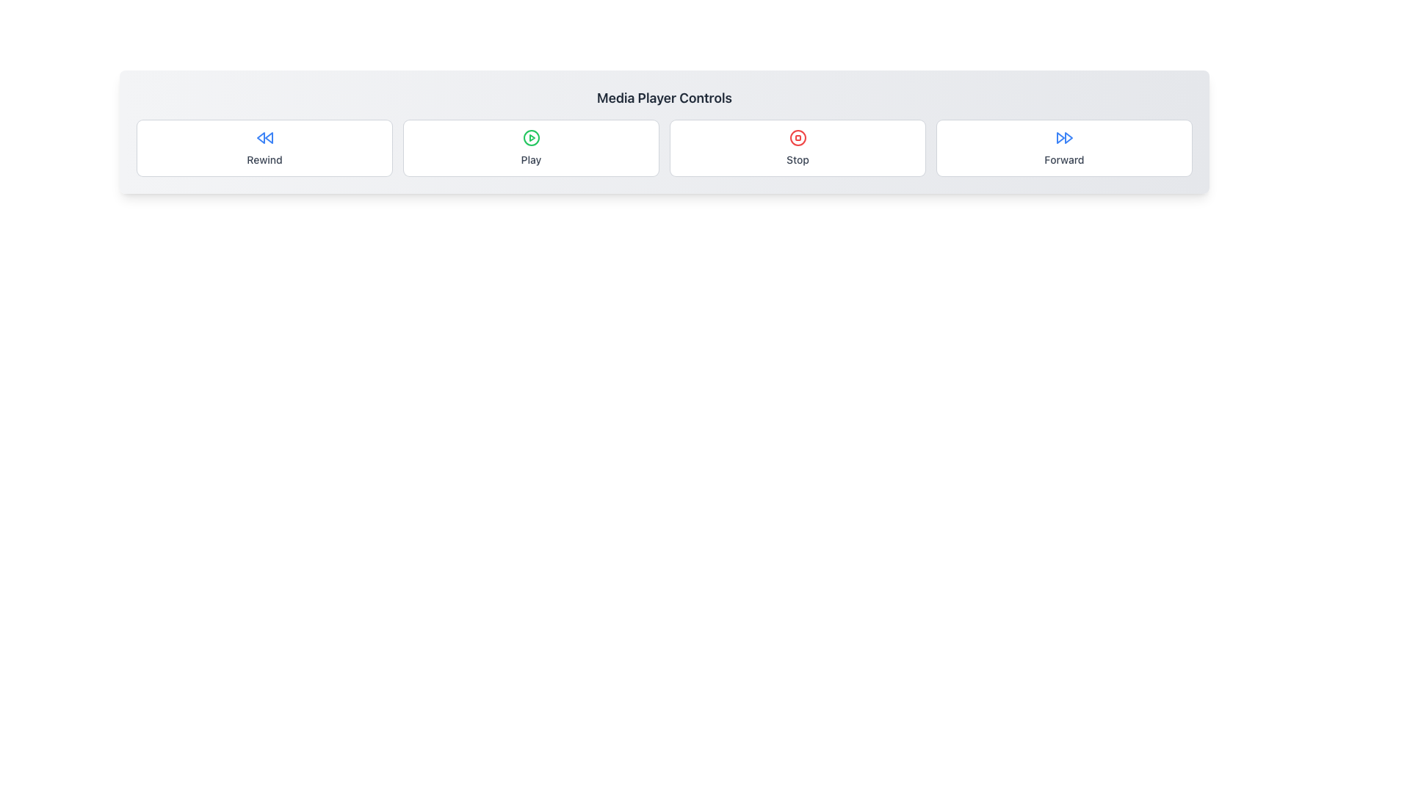 The width and height of the screenshot is (1410, 793). Describe the element at coordinates (1060, 138) in the screenshot. I see `the left triangle of the fast-forward icon located in the right-most position of the media controls` at that location.